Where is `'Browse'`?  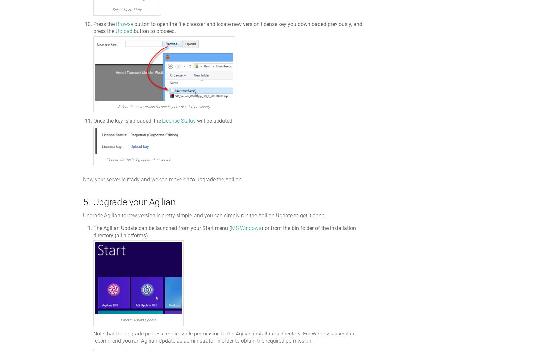
'Browse' is located at coordinates (125, 24).